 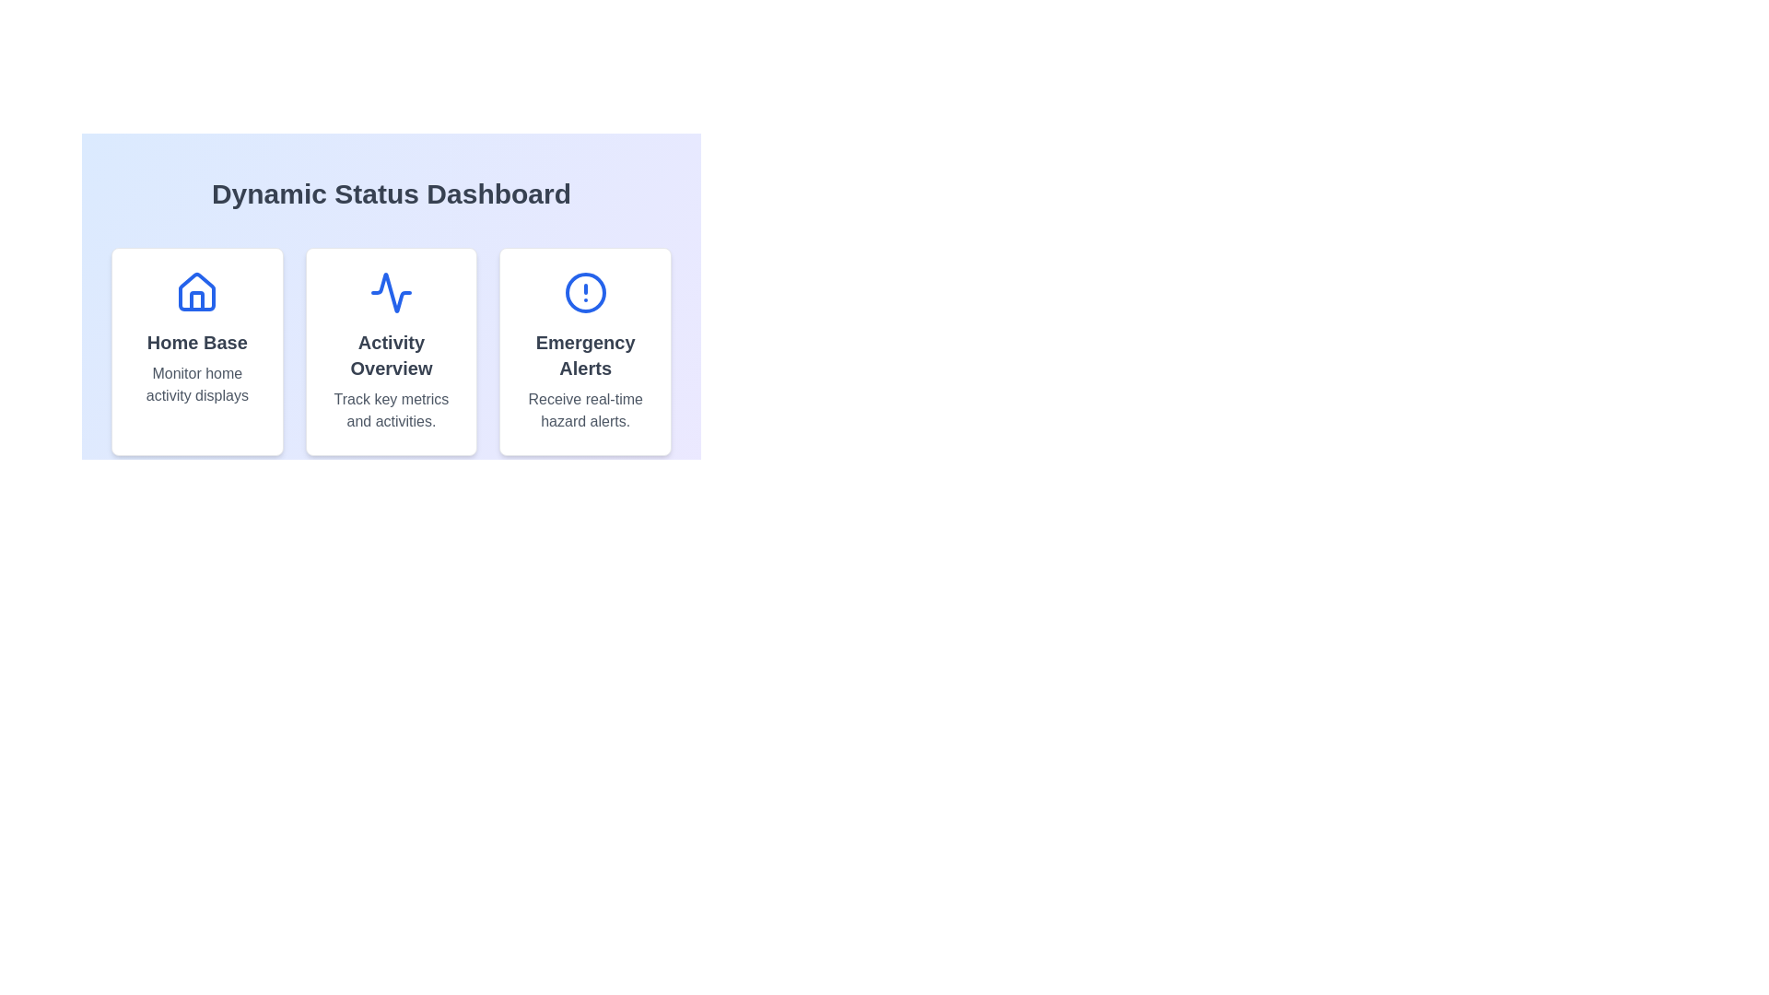 What do you see at coordinates (584, 291) in the screenshot?
I see `the blue circular alert icon with an exclamation mark, which is located at the upper center of the 'Emergency Alerts' card, above the text 'Emergency Alerts' and 'Receive real-time hazard alerts.'` at bounding box center [584, 291].